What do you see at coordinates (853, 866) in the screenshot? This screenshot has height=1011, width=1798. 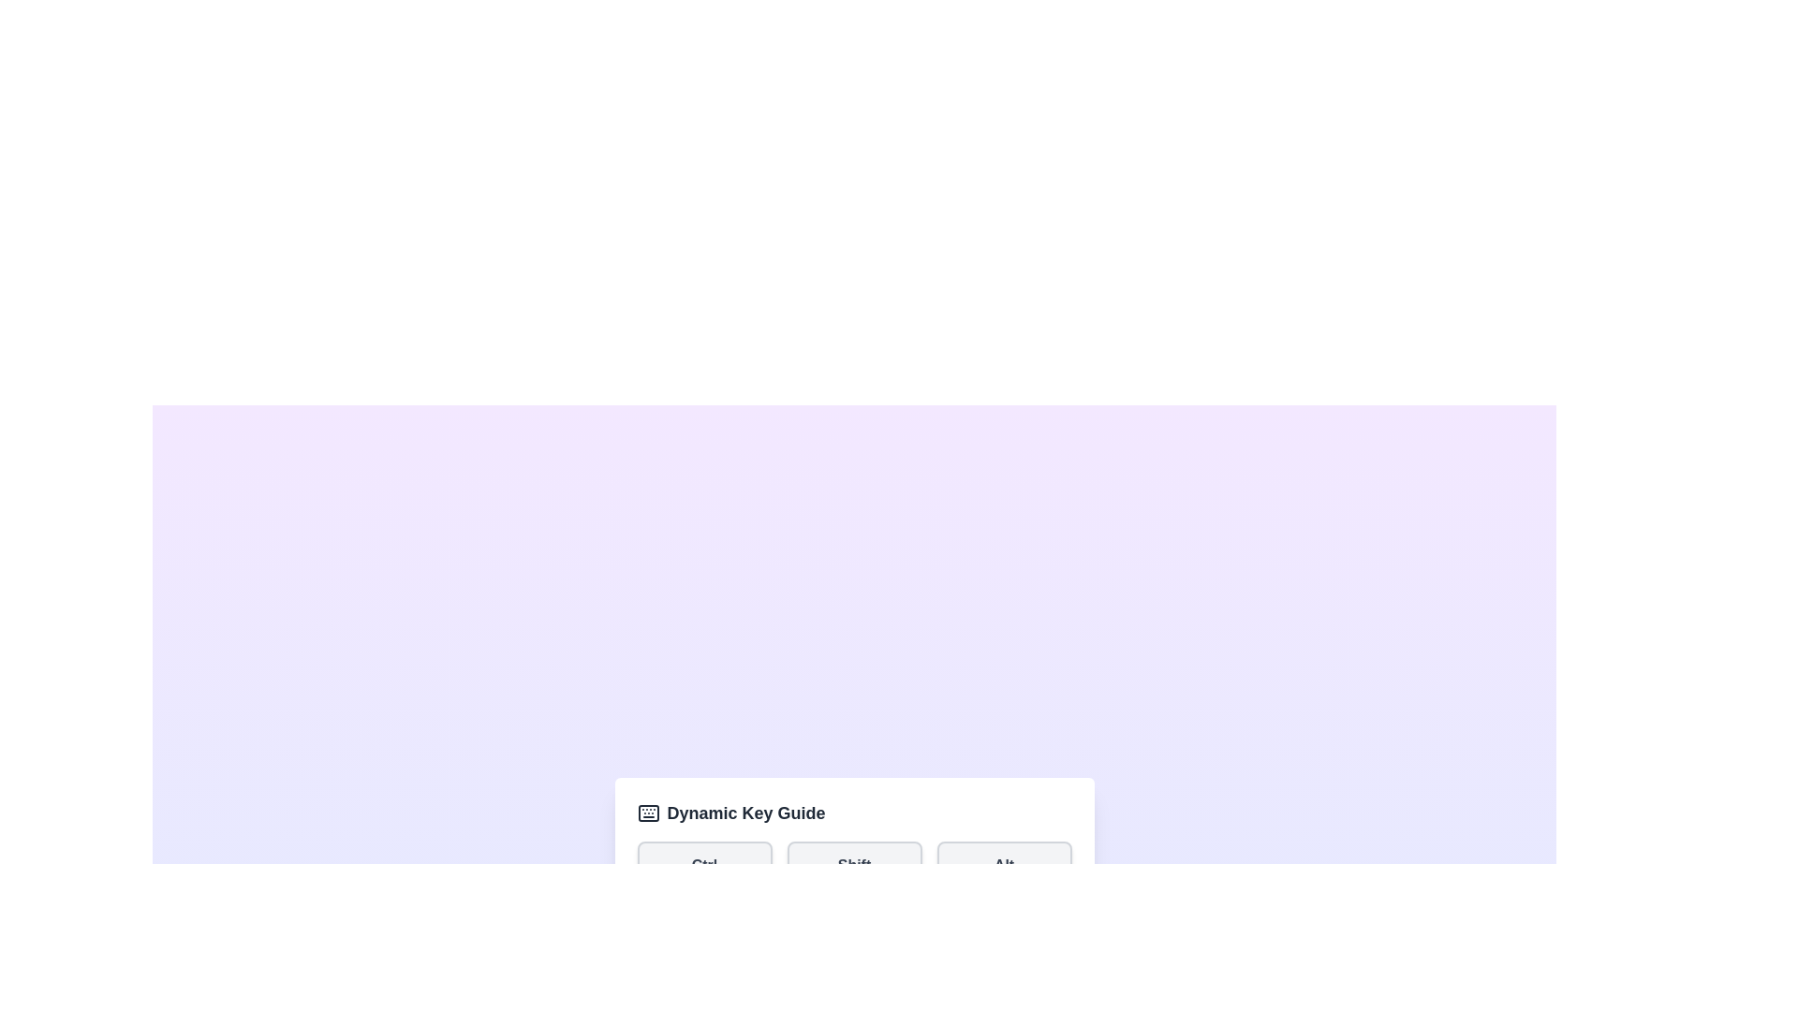 I see `the 'Shift' button located in the top row of the second column in a three-column grid layout` at bounding box center [853, 866].